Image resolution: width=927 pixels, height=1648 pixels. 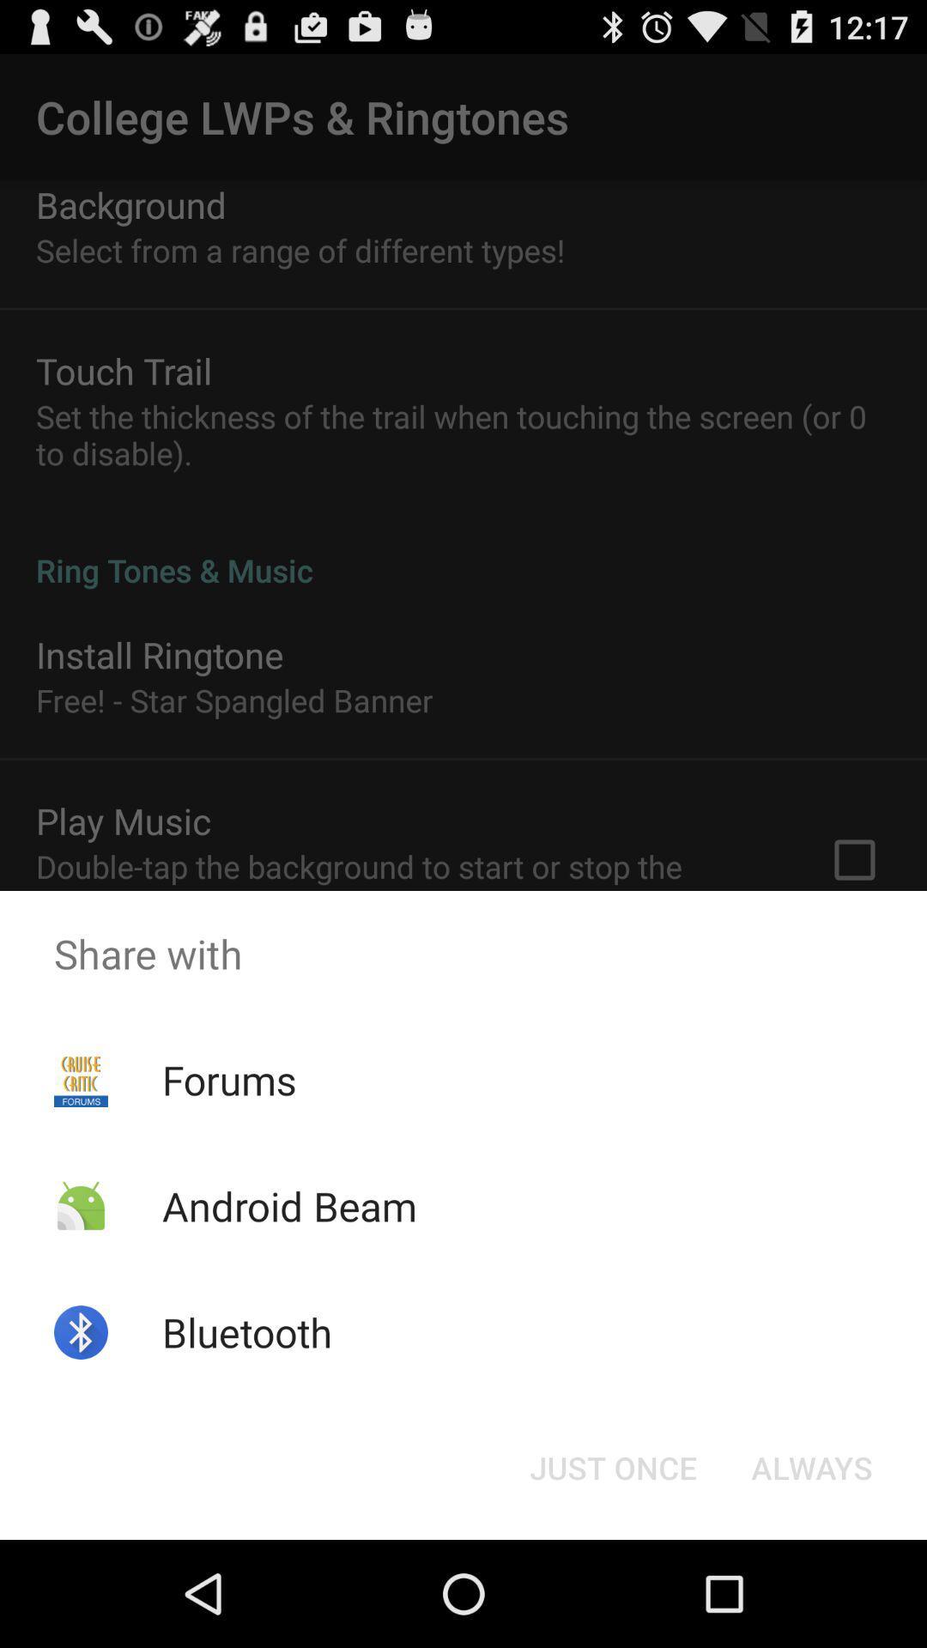 I want to click on the icon below the share with item, so click(x=228, y=1079).